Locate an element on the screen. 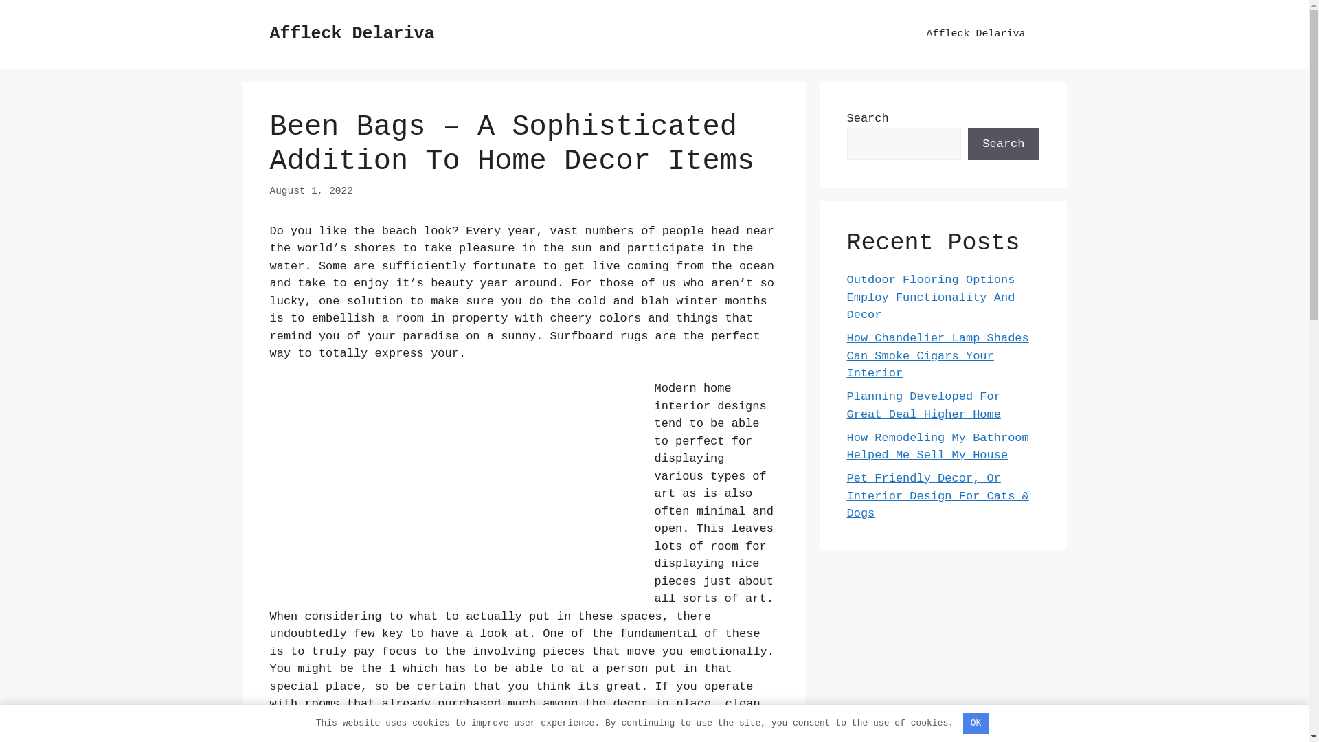  'OK' is located at coordinates (975, 723).